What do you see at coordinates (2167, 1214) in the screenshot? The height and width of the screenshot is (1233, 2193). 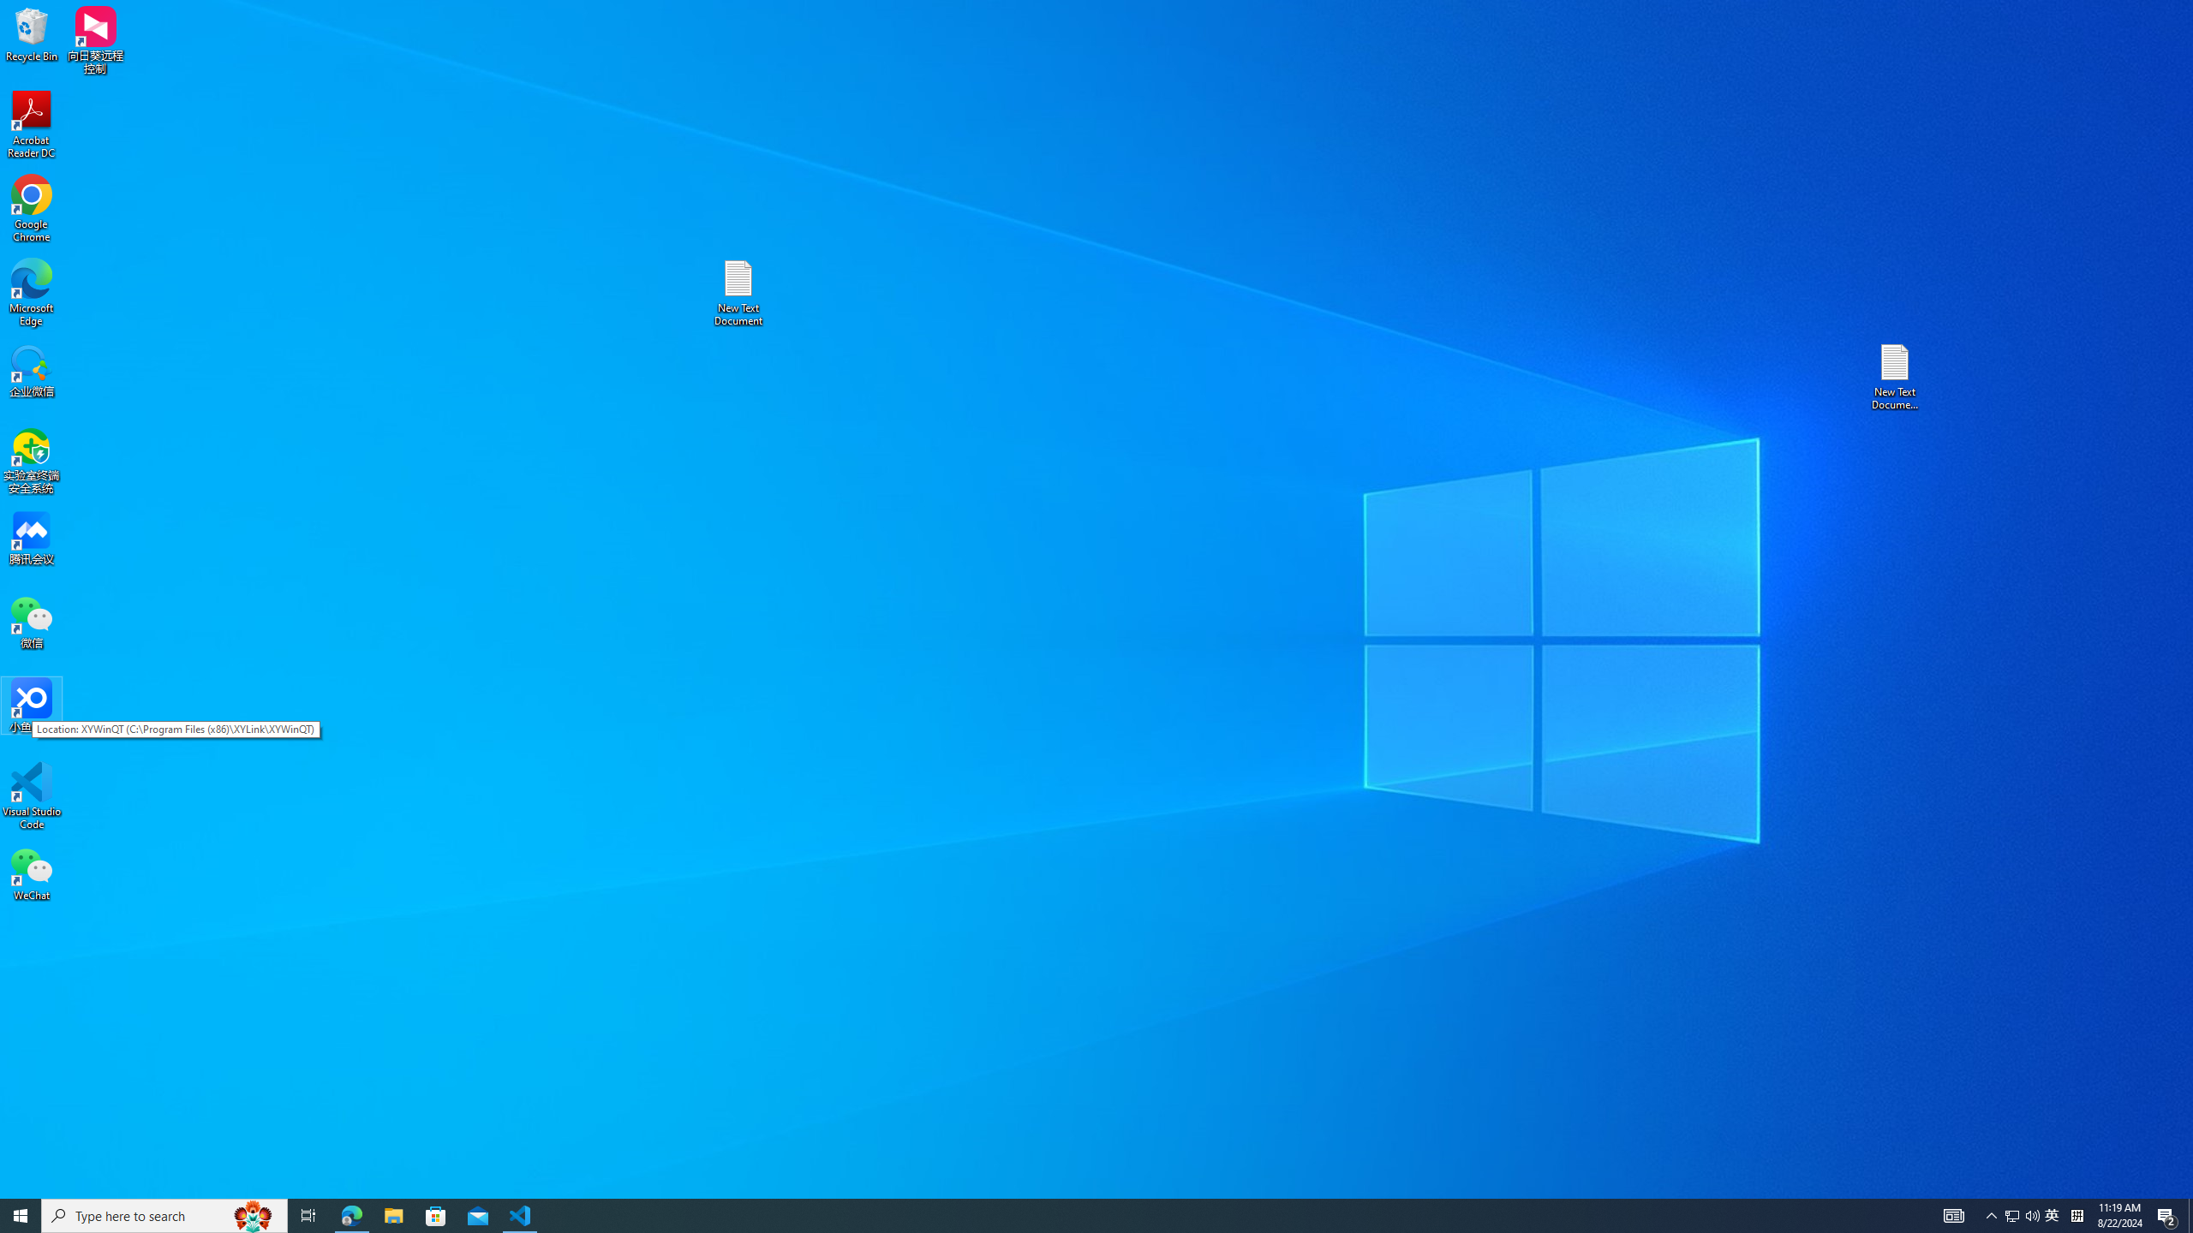 I see `'Action Center, 2 new notifications'` at bounding box center [2167, 1214].